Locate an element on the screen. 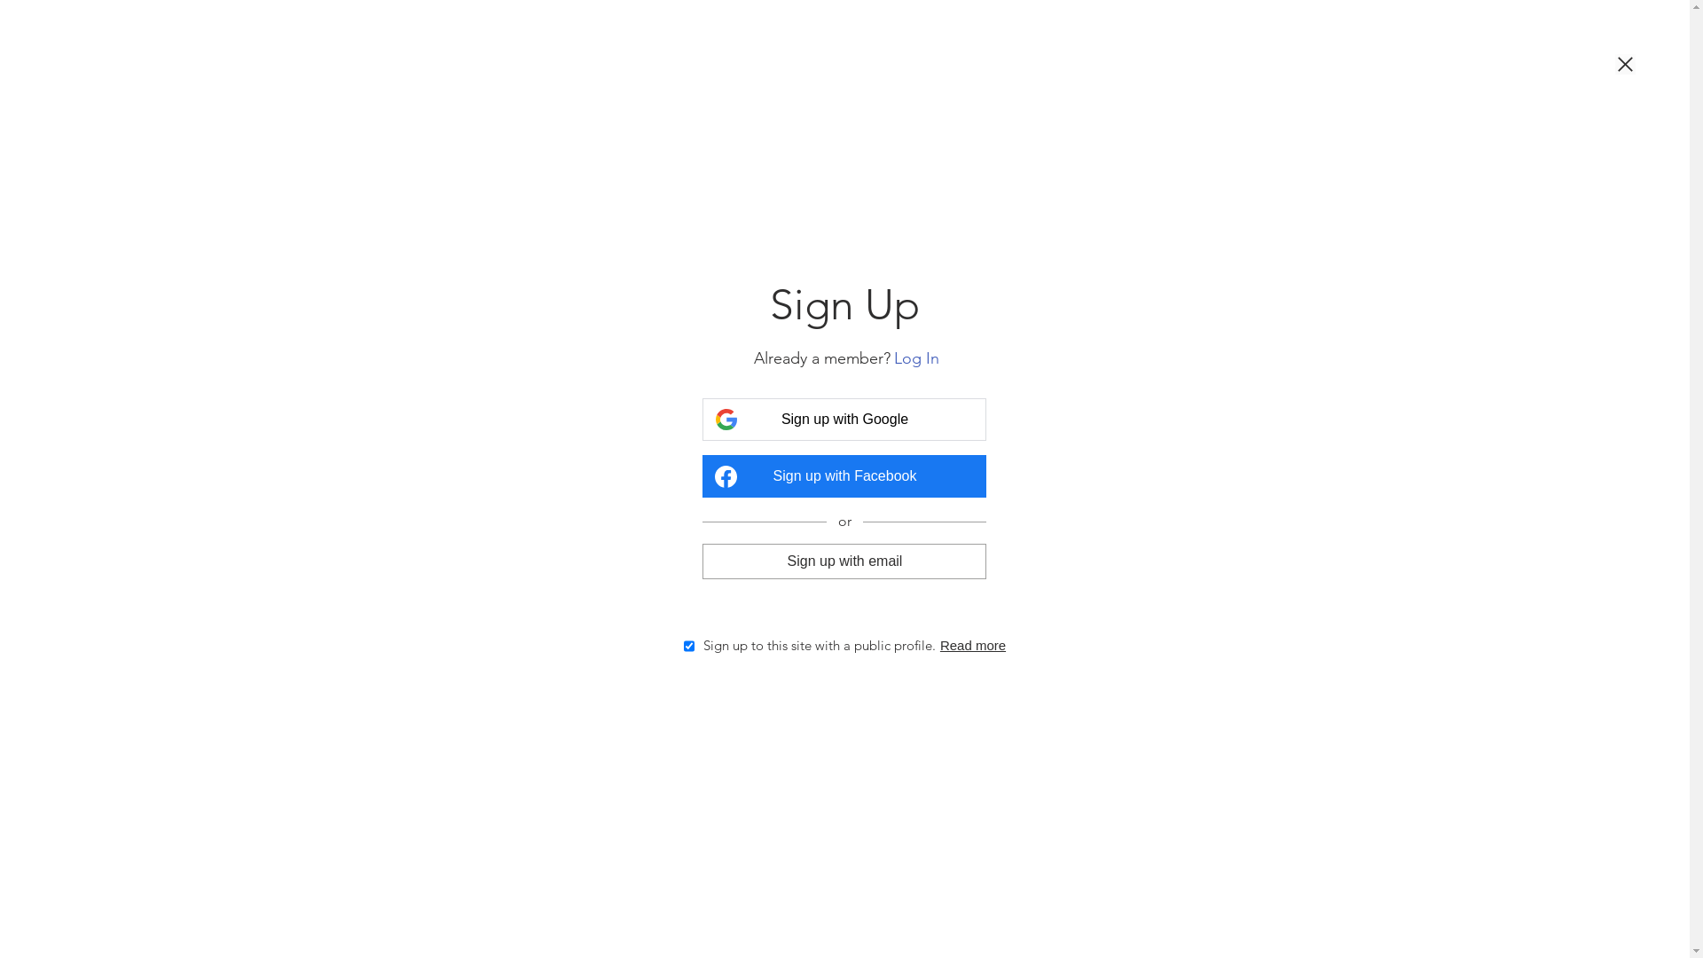 Image resolution: width=1703 pixels, height=958 pixels. 'Log In' is located at coordinates (894, 358).